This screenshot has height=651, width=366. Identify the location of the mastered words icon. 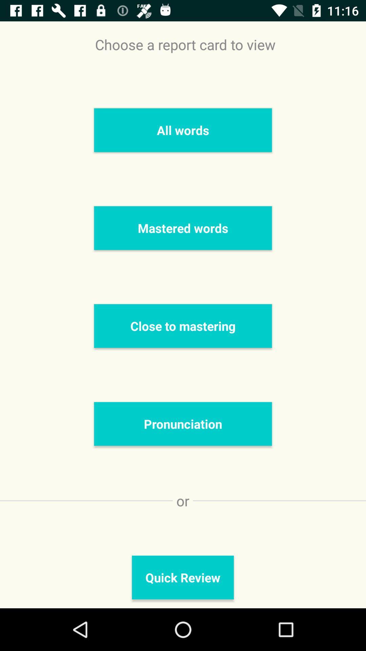
(183, 228).